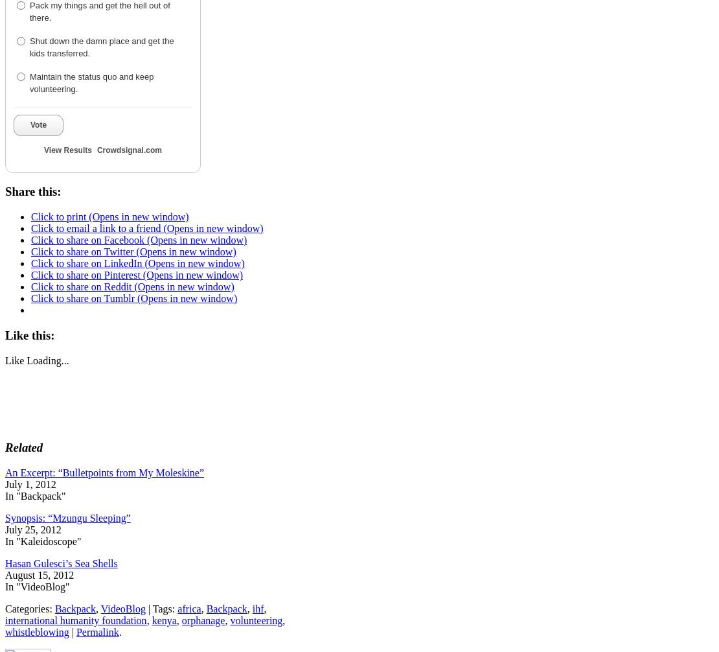  Describe the element at coordinates (133, 251) in the screenshot. I see `'Click to share on Twitter (Opens in new window)'` at that location.